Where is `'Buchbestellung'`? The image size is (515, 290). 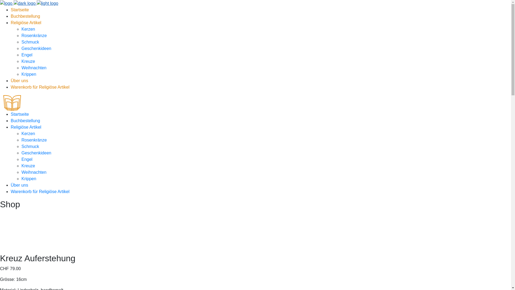 'Buchbestellung' is located at coordinates (25, 16).